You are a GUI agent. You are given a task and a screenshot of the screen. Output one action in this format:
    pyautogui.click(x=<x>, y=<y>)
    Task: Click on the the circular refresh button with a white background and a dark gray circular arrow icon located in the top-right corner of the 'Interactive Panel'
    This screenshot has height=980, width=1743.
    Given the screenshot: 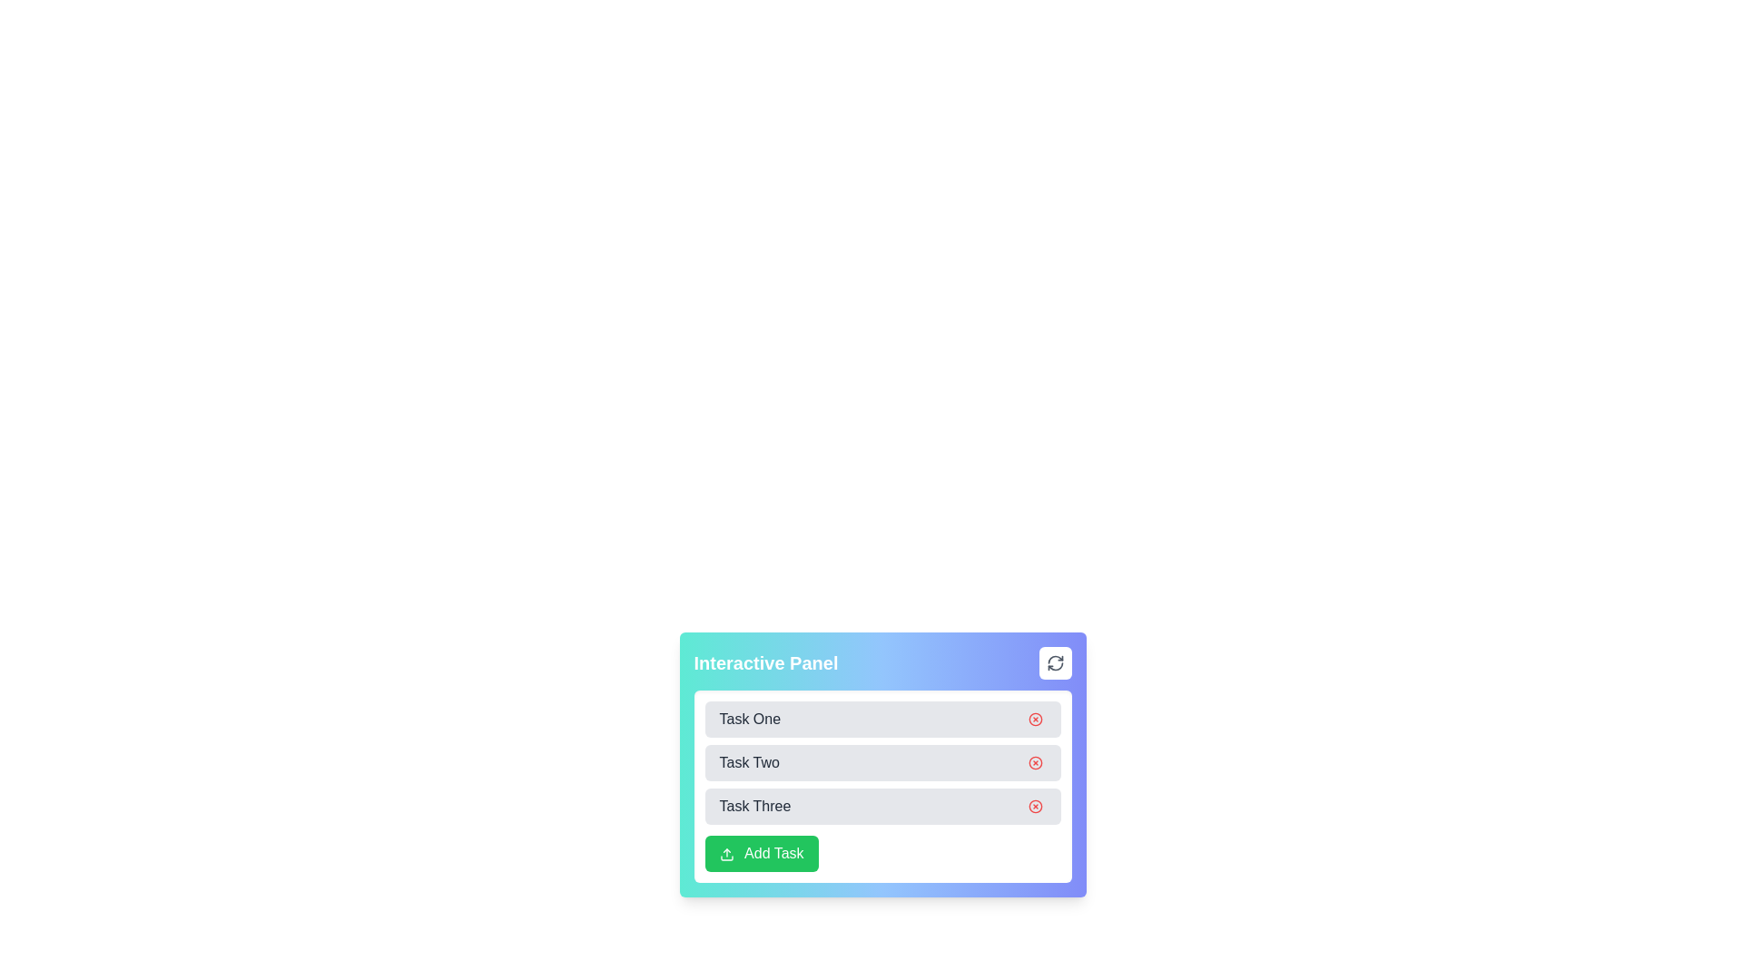 What is the action you would take?
    pyautogui.click(x=1055, y=663)
    